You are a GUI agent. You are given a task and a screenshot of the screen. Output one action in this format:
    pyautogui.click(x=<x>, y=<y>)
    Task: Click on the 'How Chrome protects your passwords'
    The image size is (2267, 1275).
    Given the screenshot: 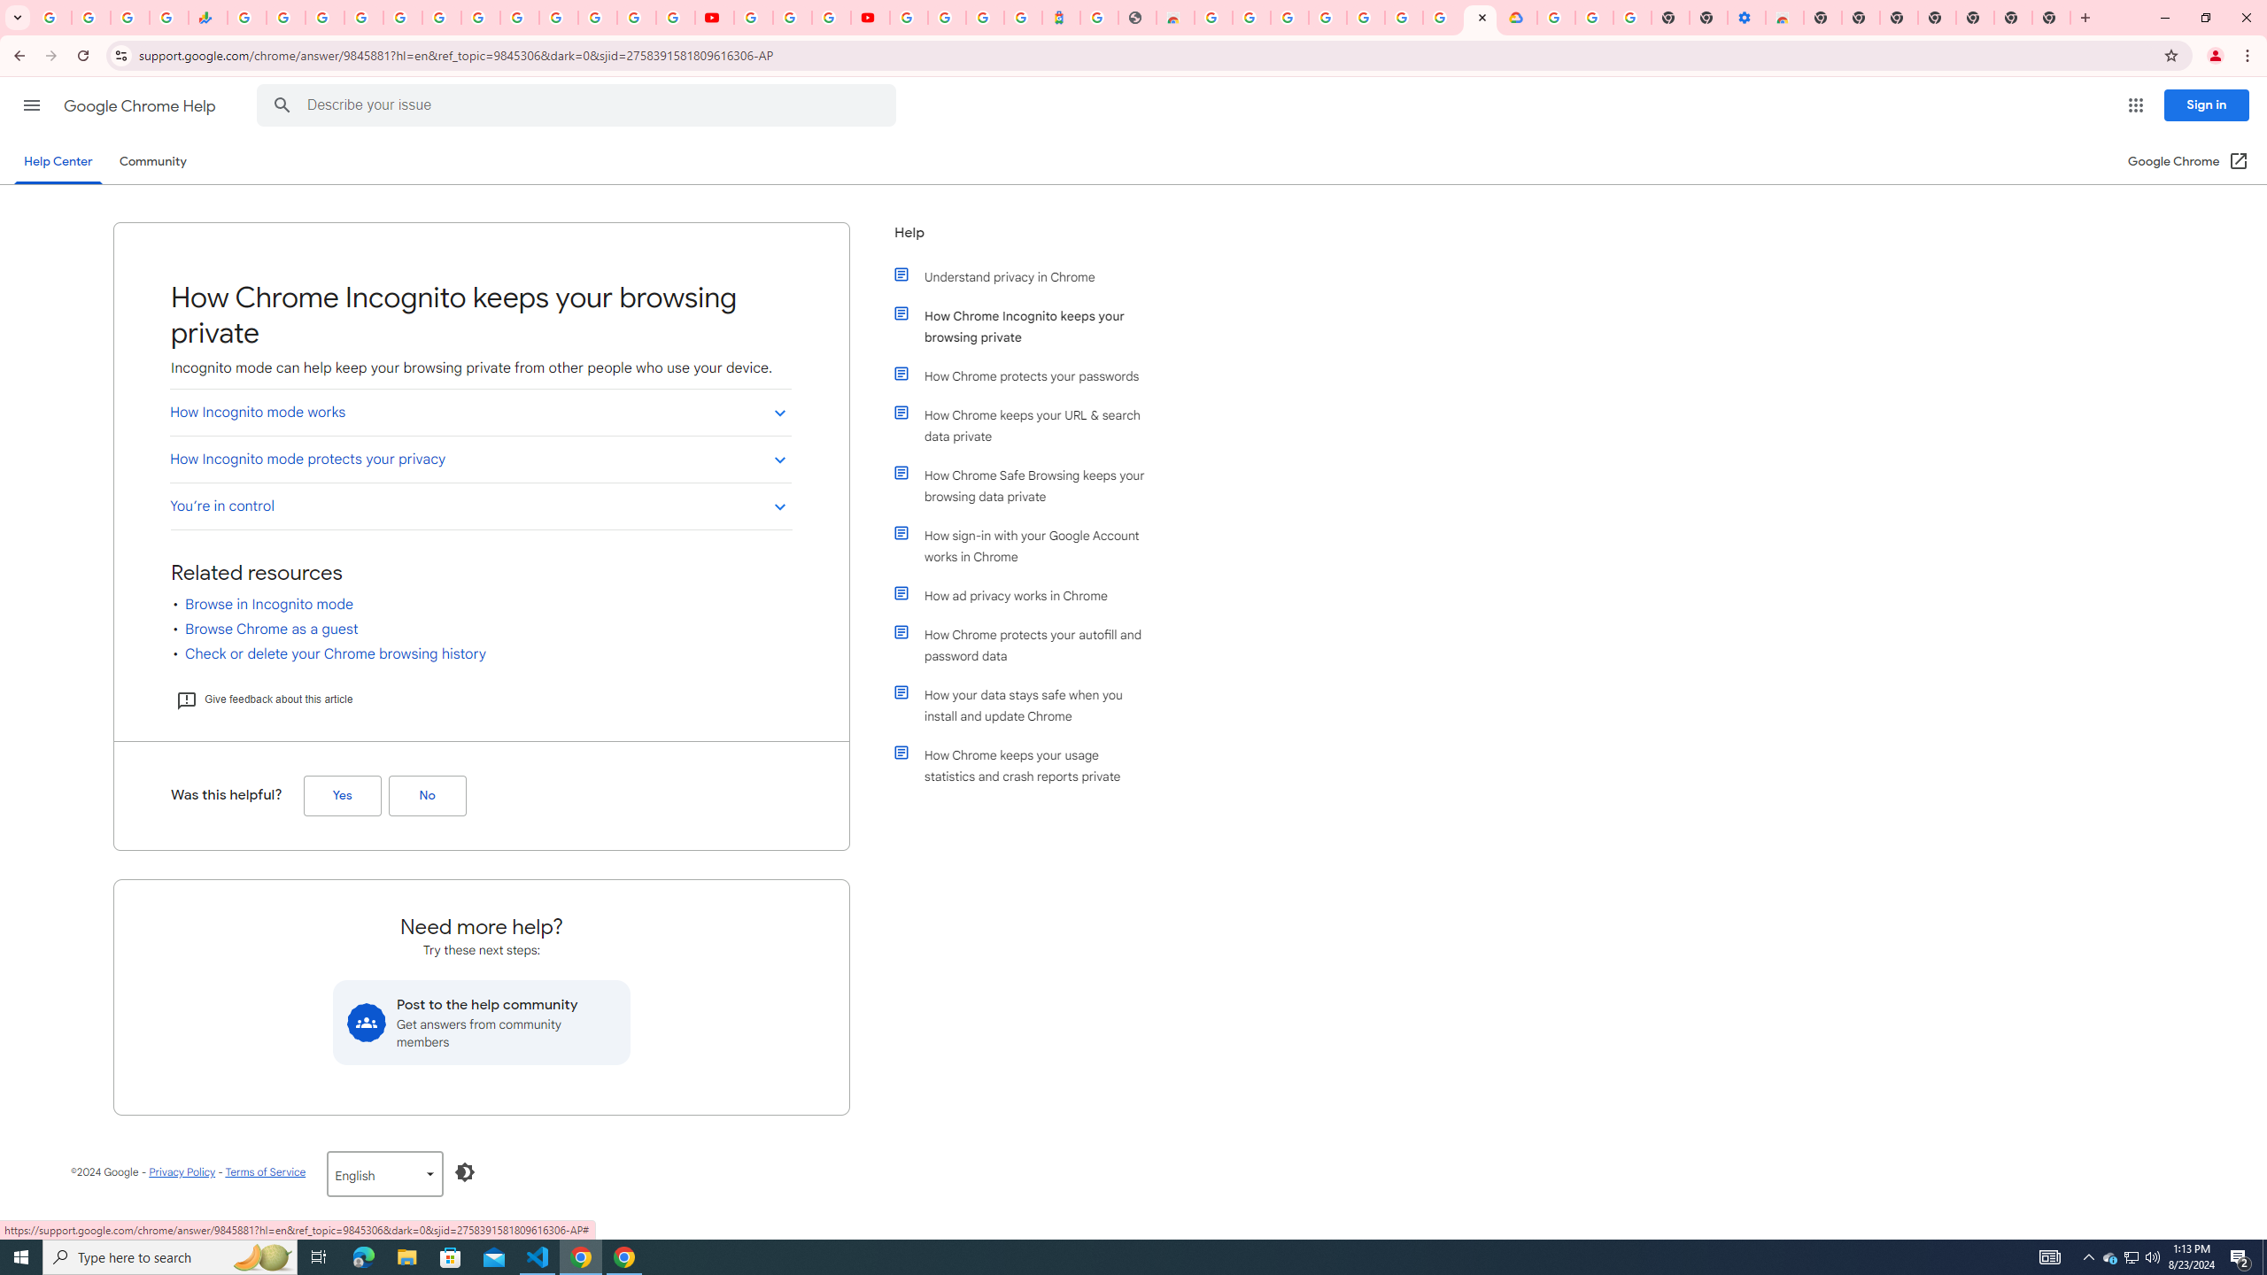 What is the action you would take?
    pyautogui.click(x=1029, y=375)
    